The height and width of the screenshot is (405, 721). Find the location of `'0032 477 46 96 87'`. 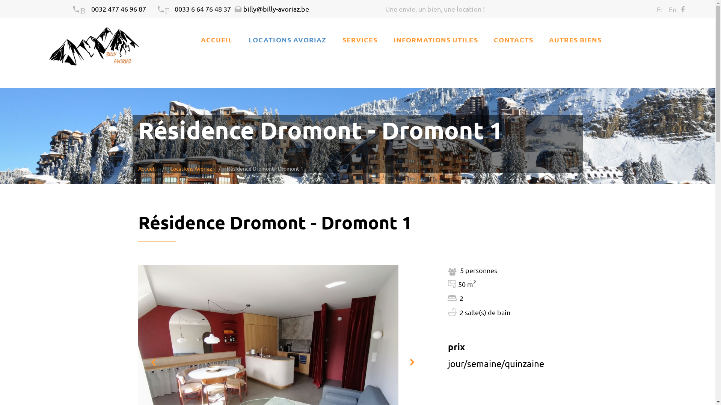

'0032 477 46 96 87' is located at coordinates (118, 9).